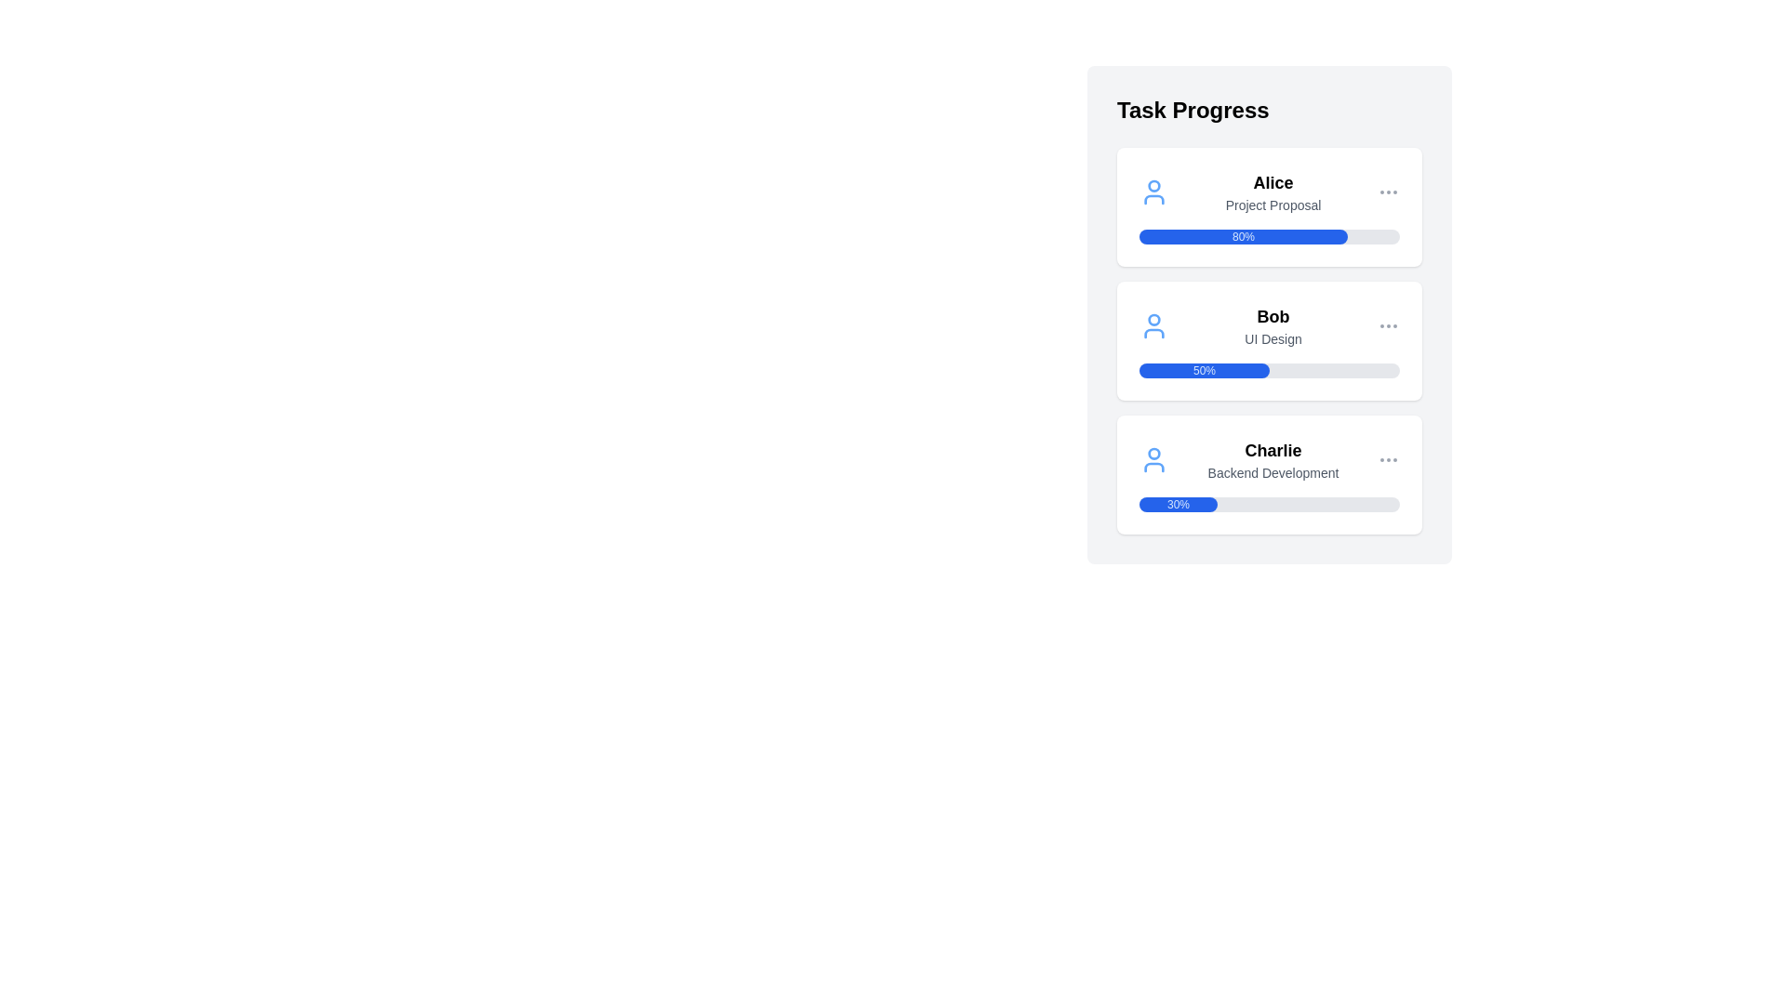  I want to click on the non-interactive text label heading that serves as a title for the task progress indicators, located at the top of the layout, so click(1193, 111).